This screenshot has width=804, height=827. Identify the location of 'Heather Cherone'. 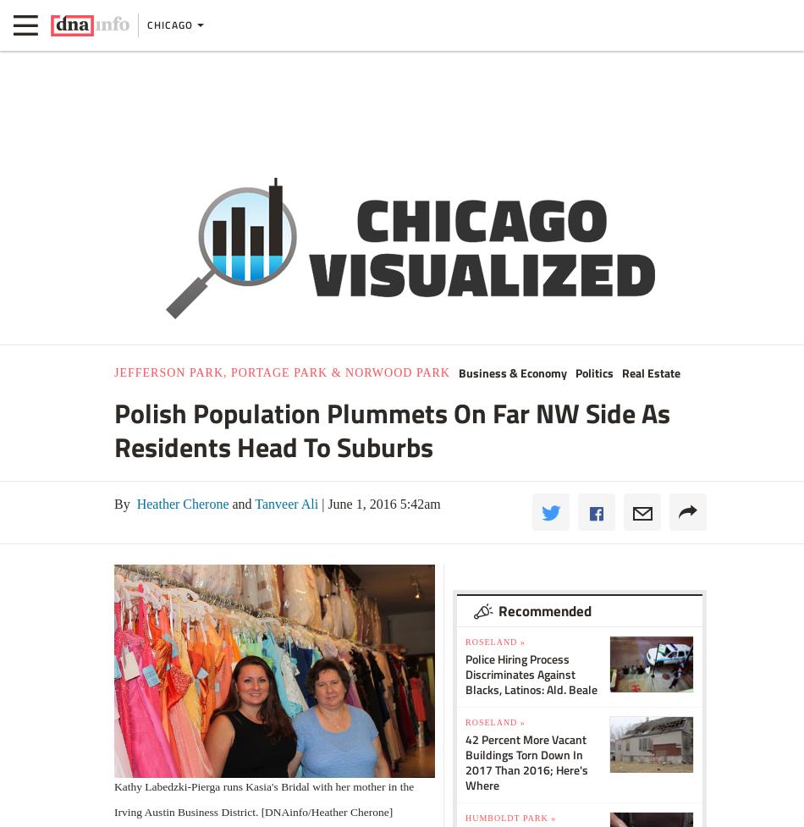
(133, 502).